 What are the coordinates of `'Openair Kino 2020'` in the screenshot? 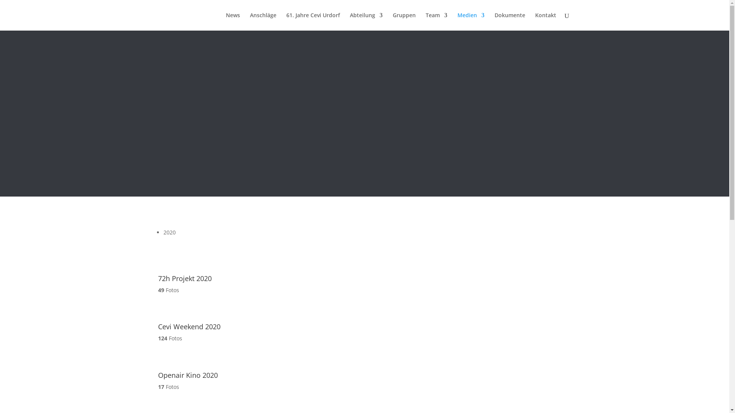 It's located at (175, 366).